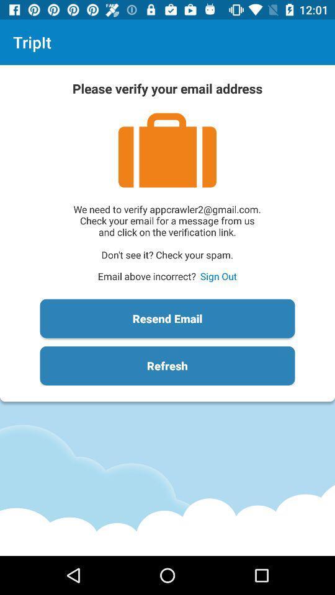 The width and height of the screenshot is (335, 595). Describe the element at coordinates (218, 276) in the screenshot. I see `icon below we need to icon` at that location.